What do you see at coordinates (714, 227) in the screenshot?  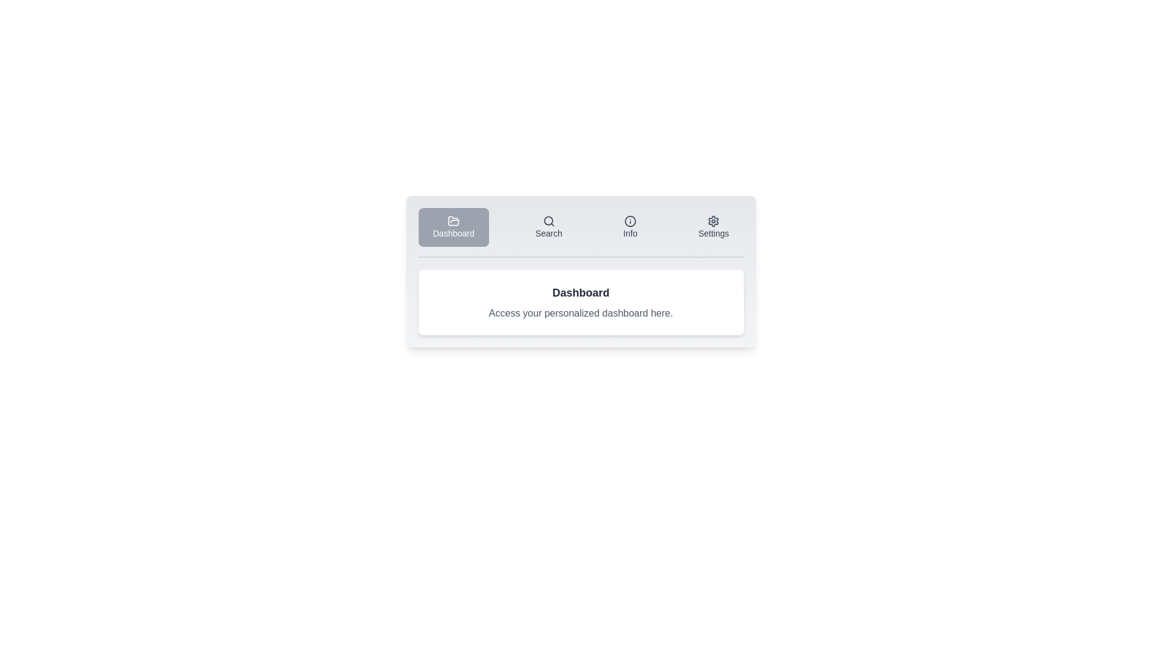 I see `the tab labeled Settings to observe its hover effect` at bounding box center [714, 227].